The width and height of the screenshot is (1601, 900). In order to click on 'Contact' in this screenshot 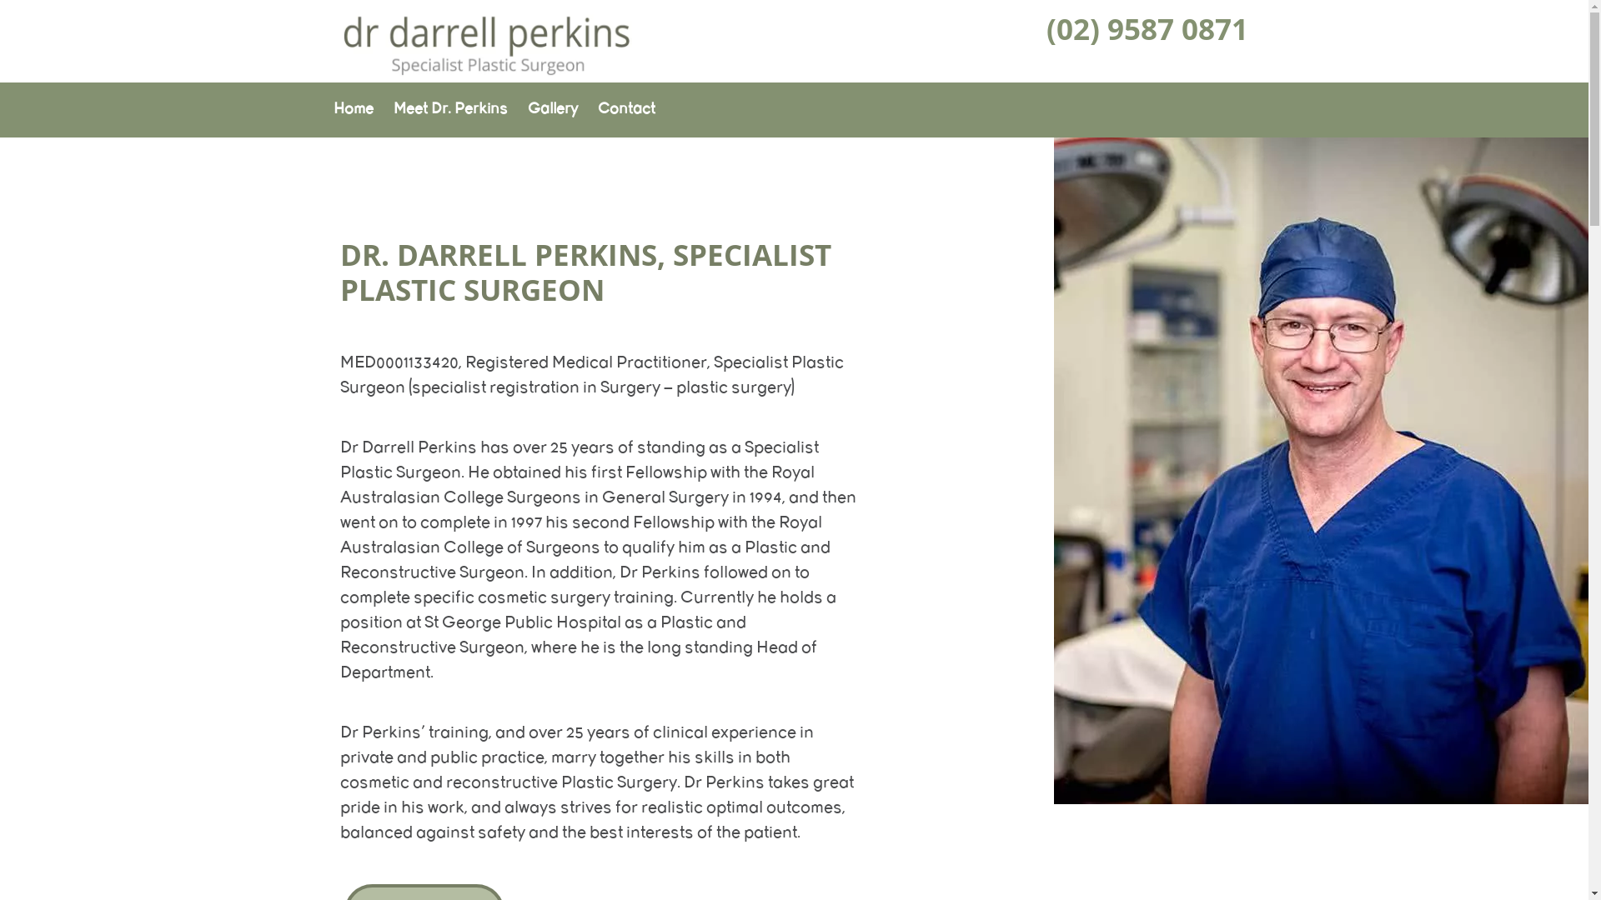, I will do `click(625, 109)`.